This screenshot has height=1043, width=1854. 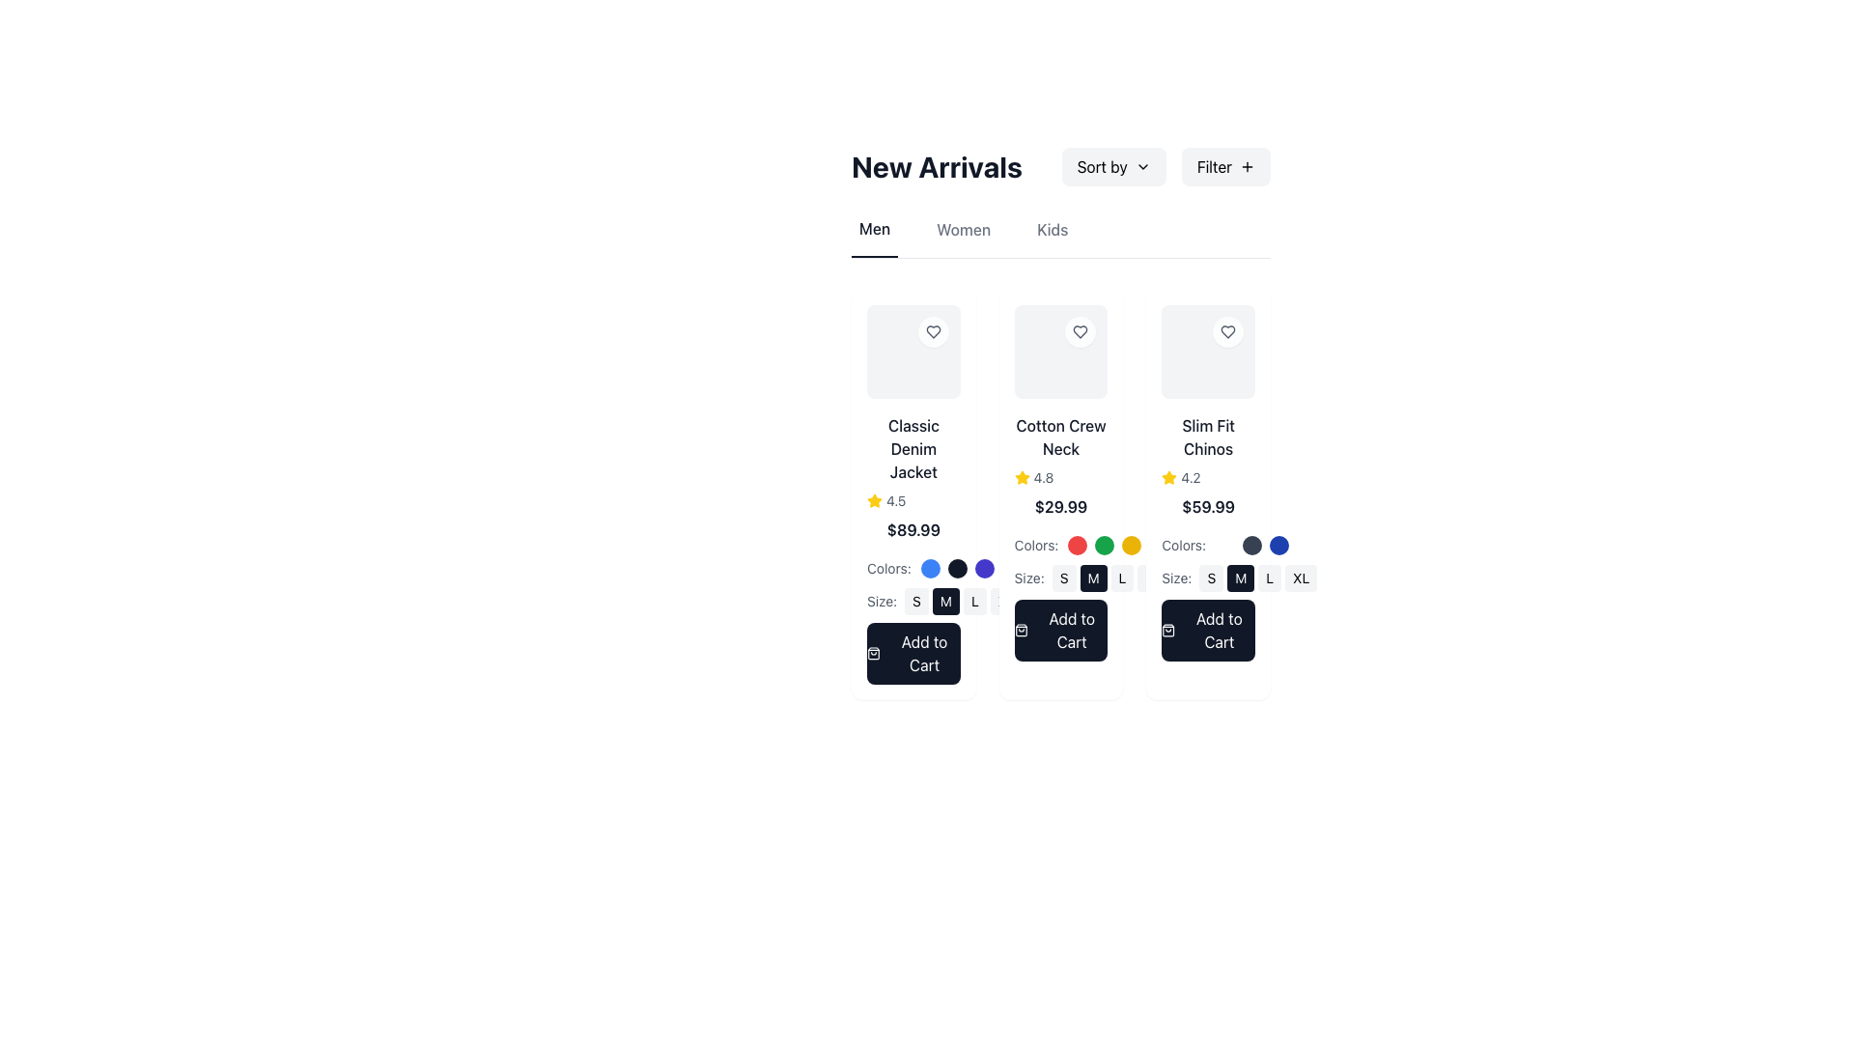 I want to click on the purple color selection button for the 'Classic Denim Jacket', which is the third circular button in the color selection section, so click(x=984, y=567).